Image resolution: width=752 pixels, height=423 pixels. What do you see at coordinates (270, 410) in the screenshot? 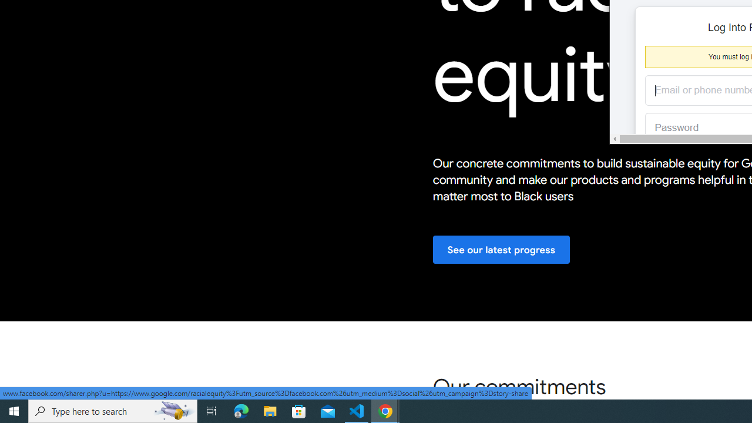
I see `'File Explorer'` at bounding box center [270, 410].